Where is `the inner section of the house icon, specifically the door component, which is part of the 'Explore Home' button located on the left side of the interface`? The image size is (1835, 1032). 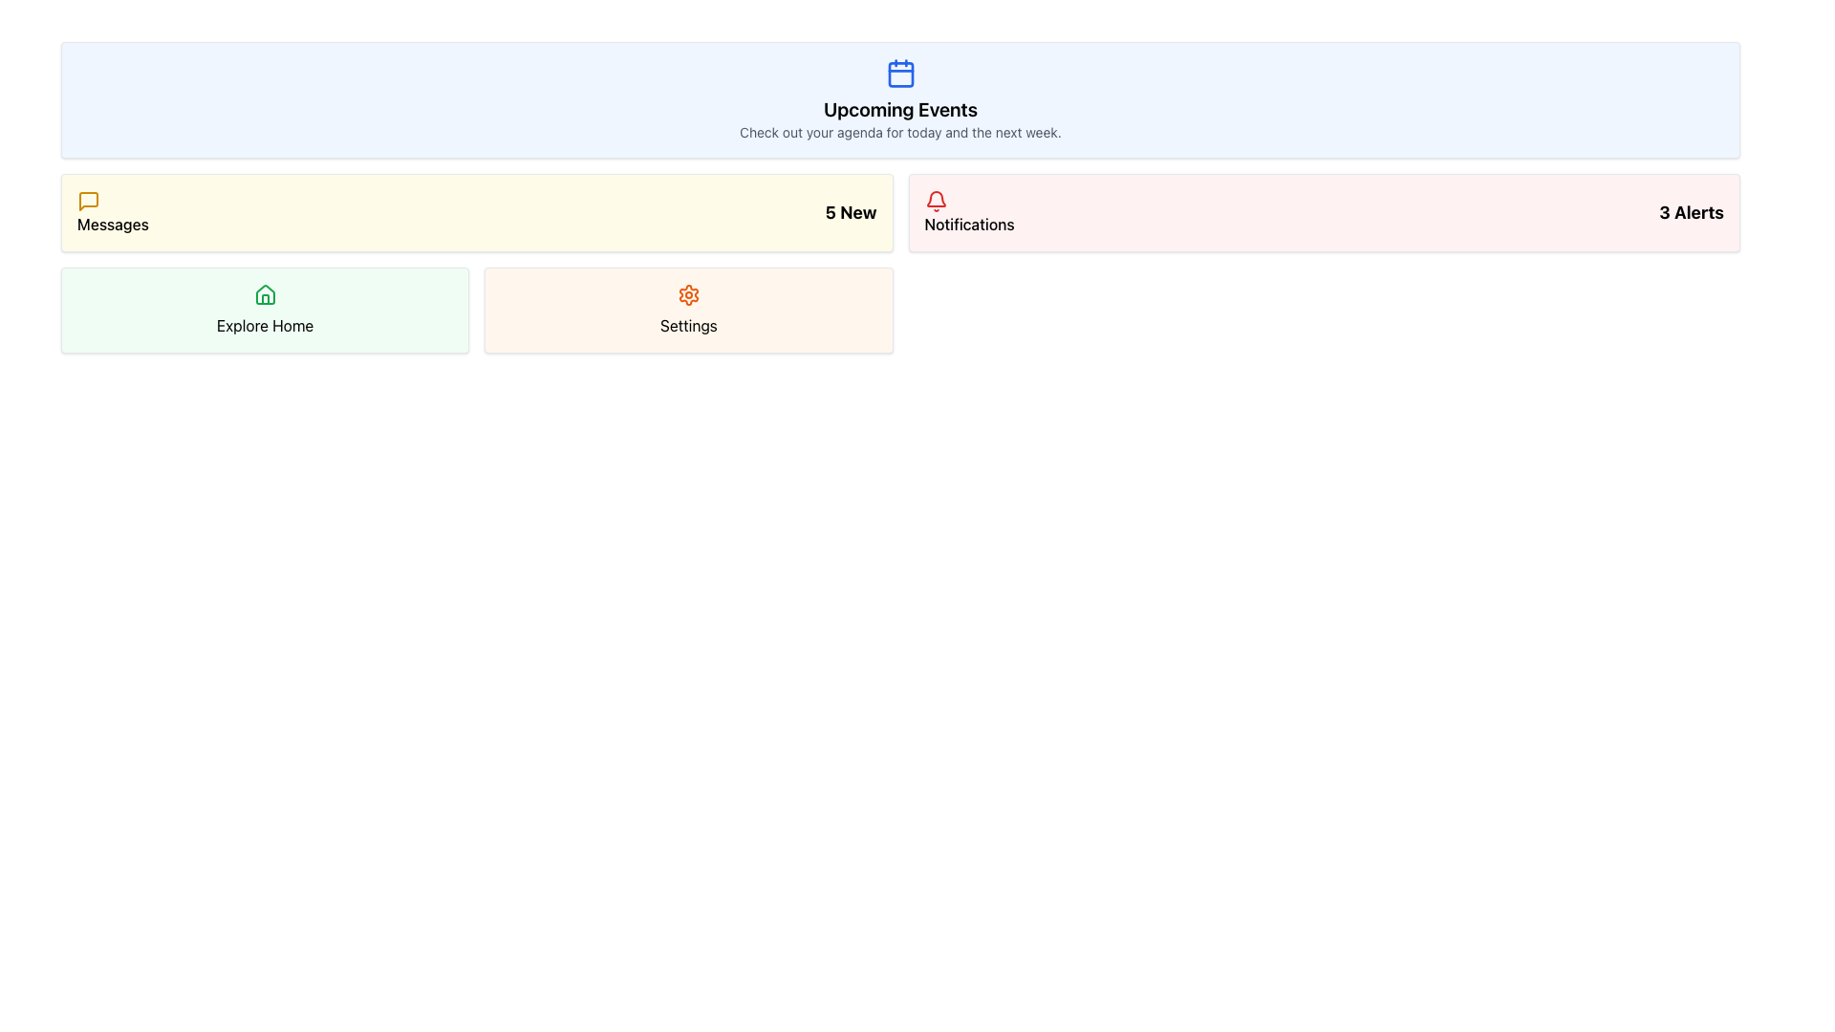 the inner section of the house icon, specifically the door component, which is part of the 'Explore Home' button located on the left side of the interface is located at coordinates (264, 299).